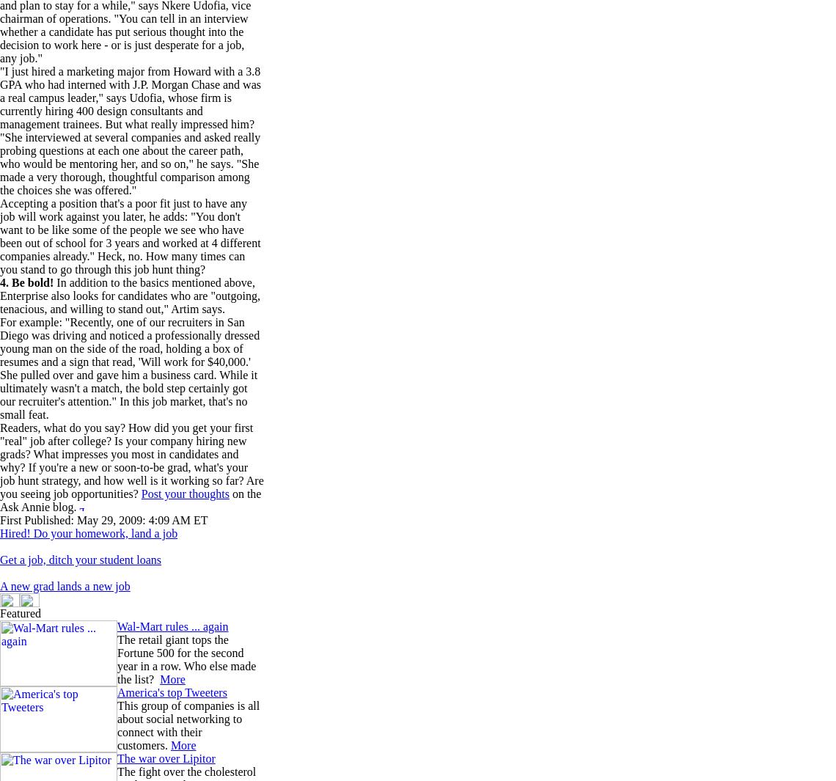 Image resolution: width=836 pixels, height=781 pixels. What do you see at coordinates (103, 520) in the screenshot?
I see `'First Published: May 29, 2009: 4:09 AM ET'` at bounding box center [103, 520].